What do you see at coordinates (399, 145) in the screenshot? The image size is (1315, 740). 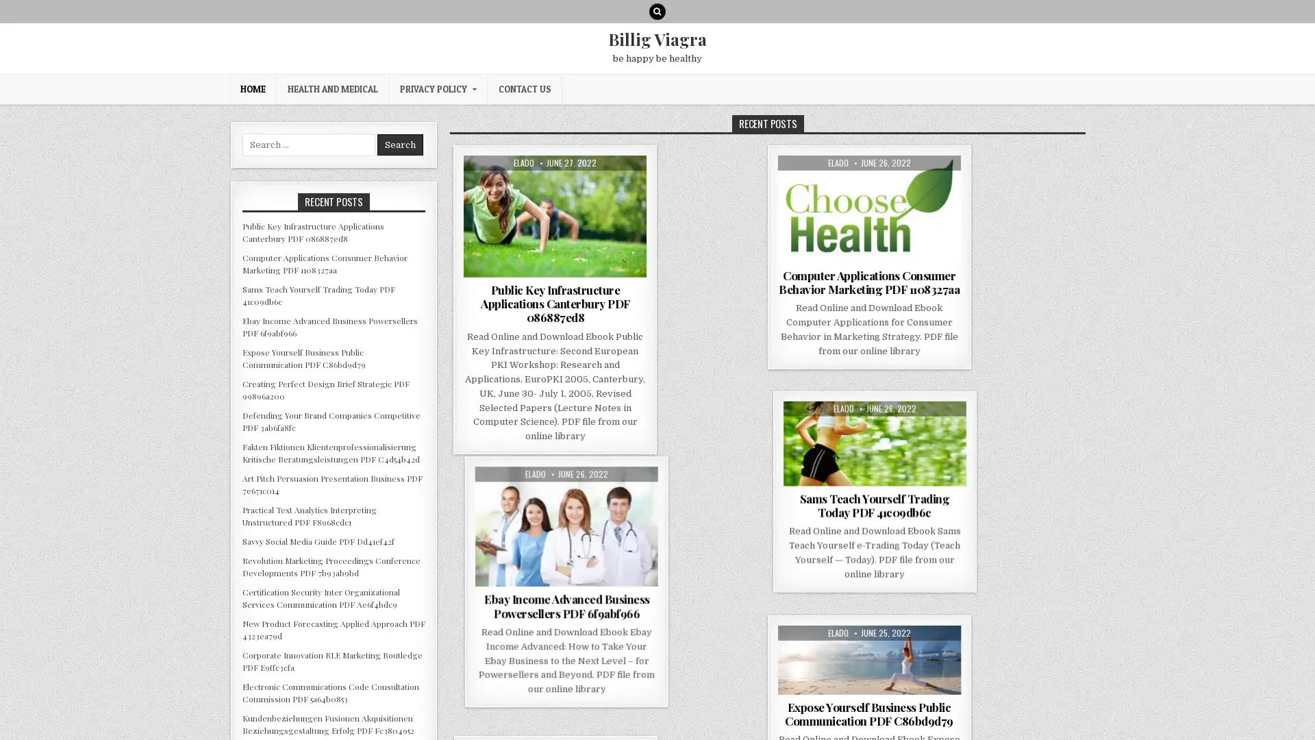 I see `Search` at bounding box center [399, 145].